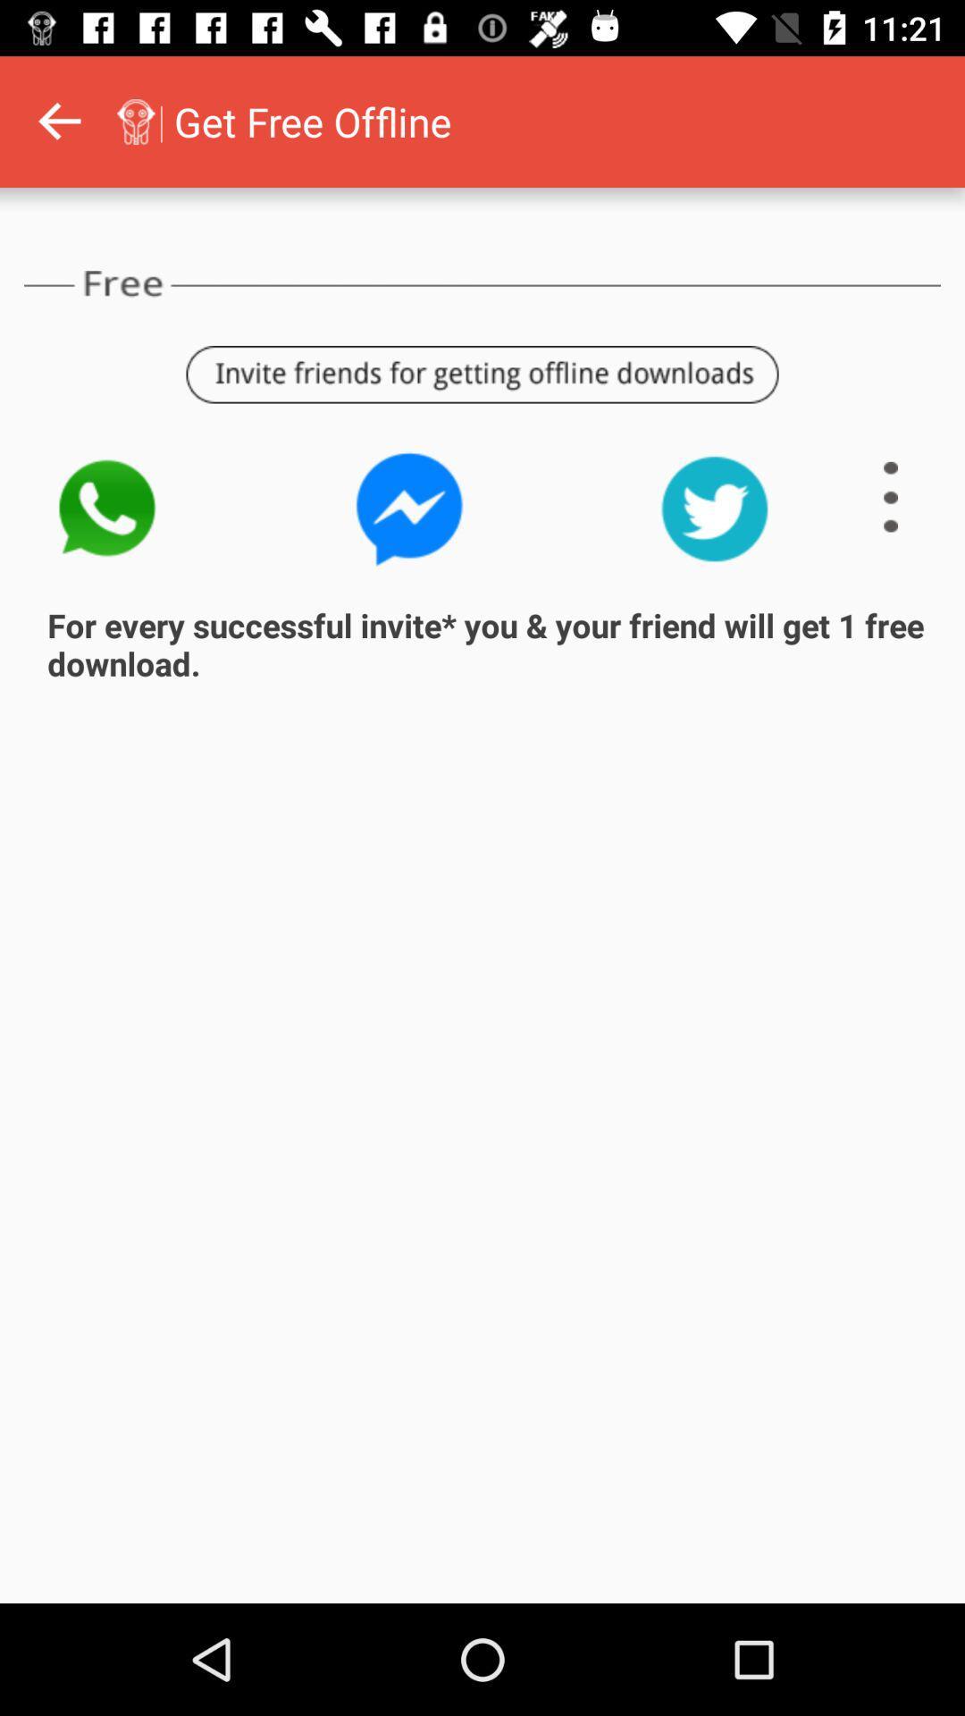 This screenshot has width=965, height=1716. What do you see at coordinates (58, 120) in the screenshot?
I see `go back` at bounding box center [58, 120].